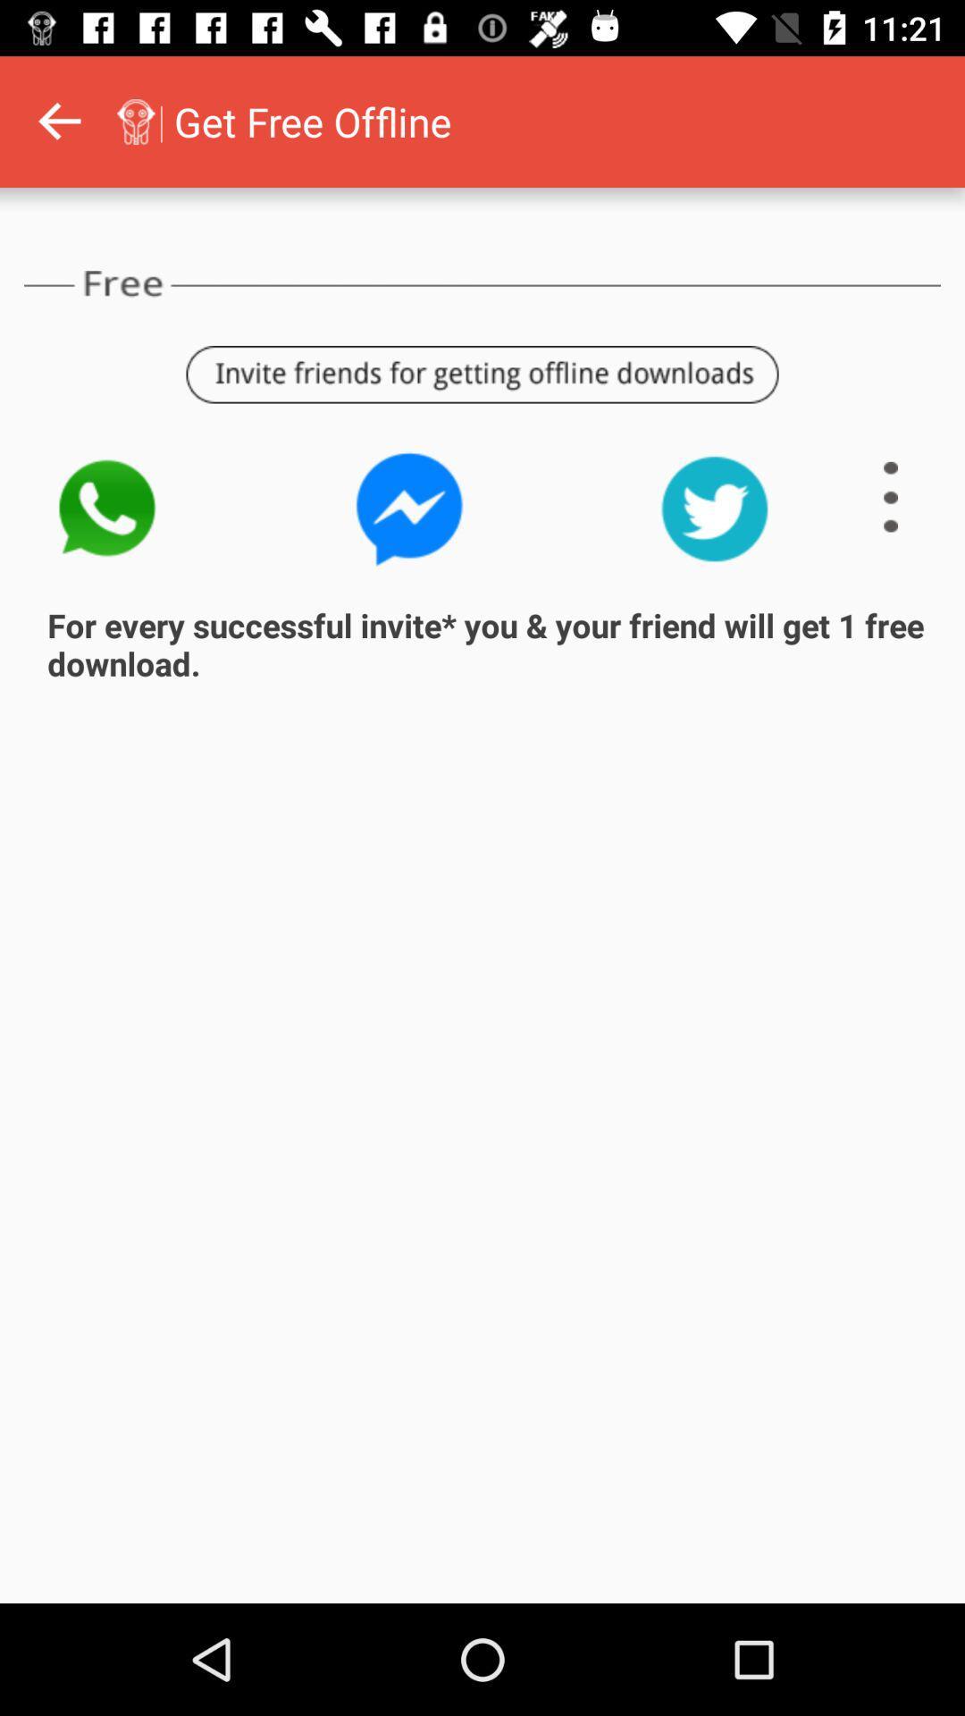 This screenshot has width=965, height=1716. What do you see at coordinates (58, 120) in the screenshot?
I see `go back` at bounding box center [58, 120].